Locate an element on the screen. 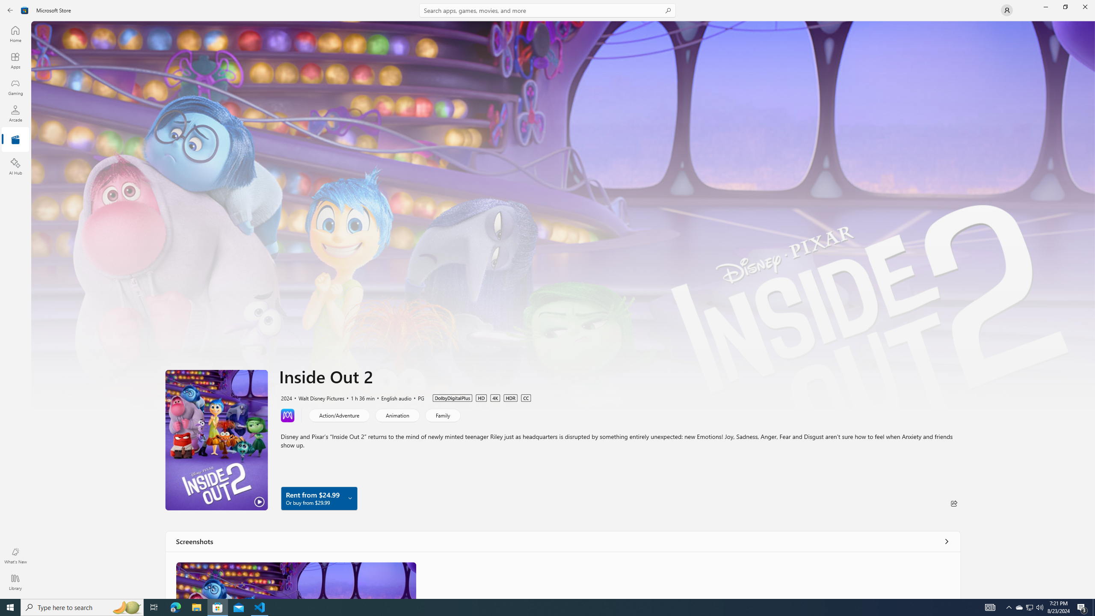  'Restore Microsoft Store' is located at coordinates (1065, 6).